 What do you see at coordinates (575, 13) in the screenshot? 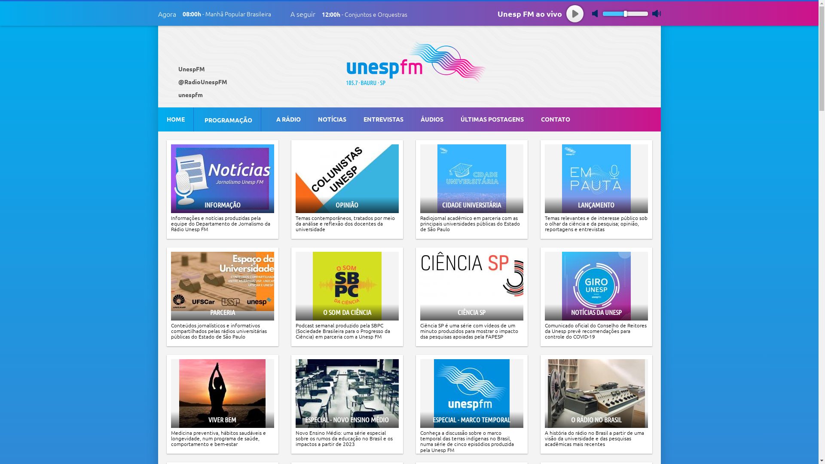
I see `'play'` at bounding box center [575, 13].